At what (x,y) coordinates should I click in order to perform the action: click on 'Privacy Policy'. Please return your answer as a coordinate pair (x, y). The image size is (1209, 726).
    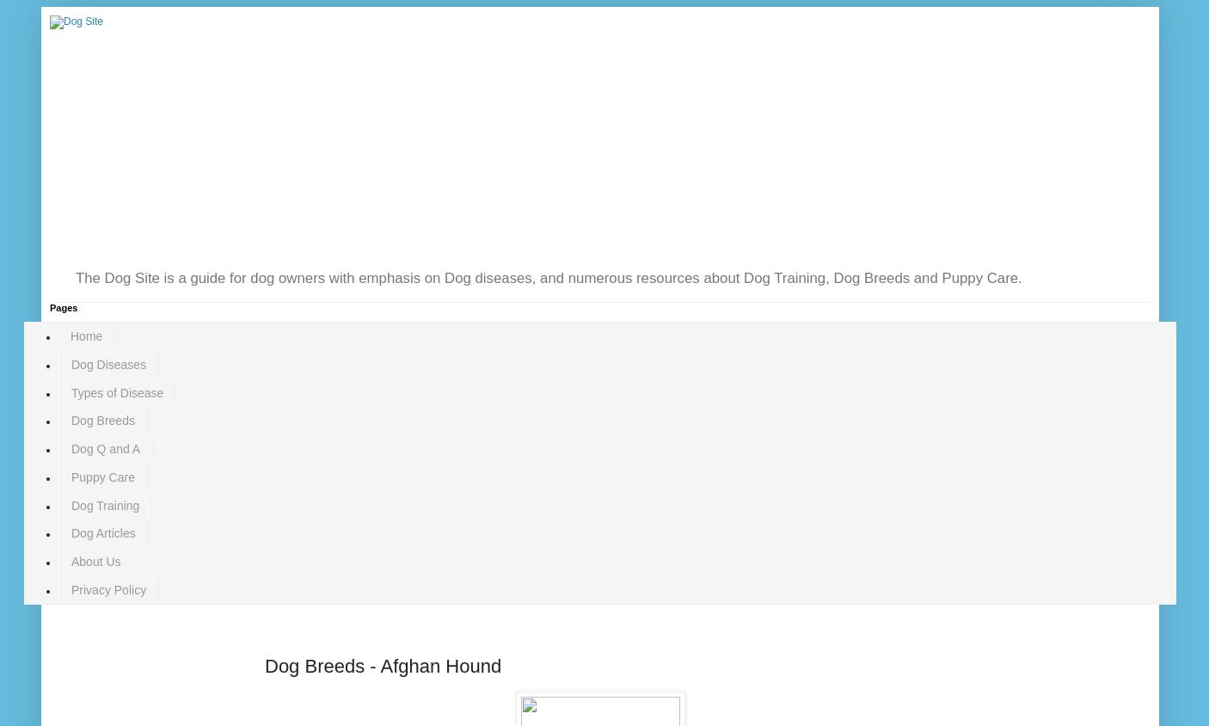
    Looking at the image, I should click on (108, 589).